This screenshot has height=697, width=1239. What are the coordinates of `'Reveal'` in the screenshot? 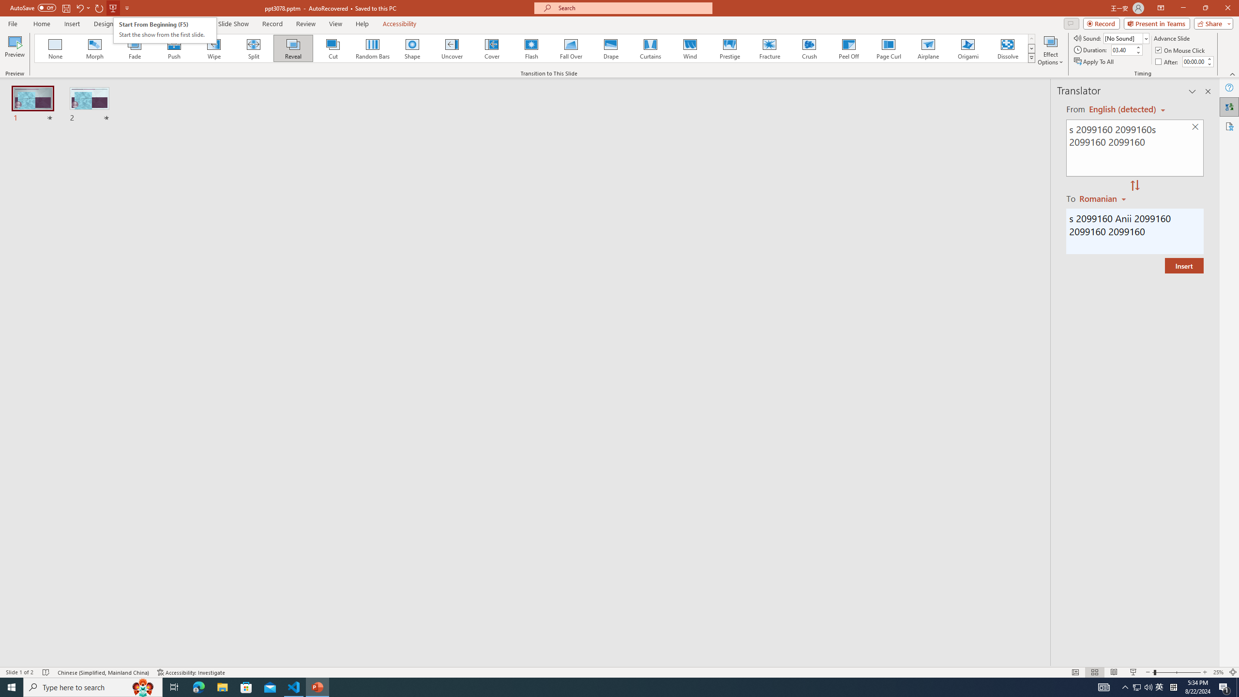 It's located at (293, 48).